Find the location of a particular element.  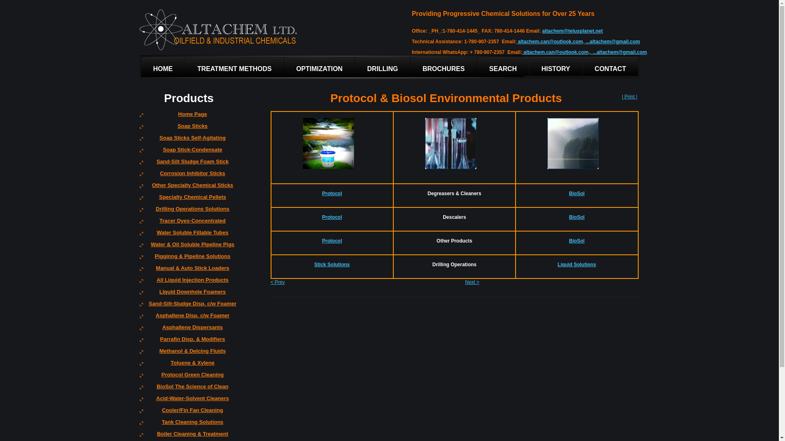

'Parrafin Disp. & Modifiers' is located at coordinates (188, 342).